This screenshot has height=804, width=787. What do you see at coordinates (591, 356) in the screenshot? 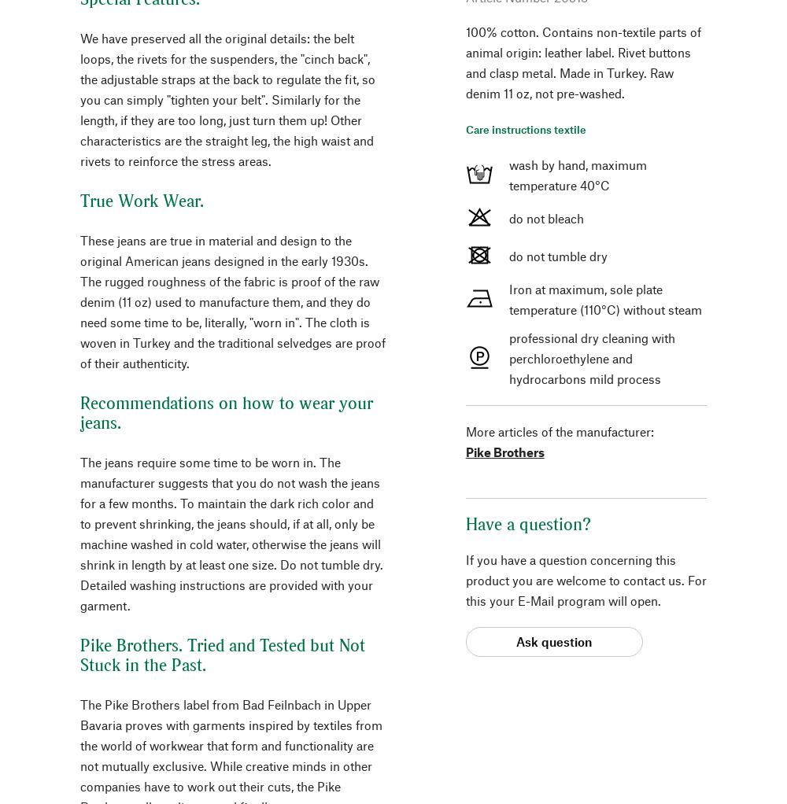
I see `'professional dry cleaning with perchloroethylene and hydrocarbons mild process'` at bounding box center [591, 356].